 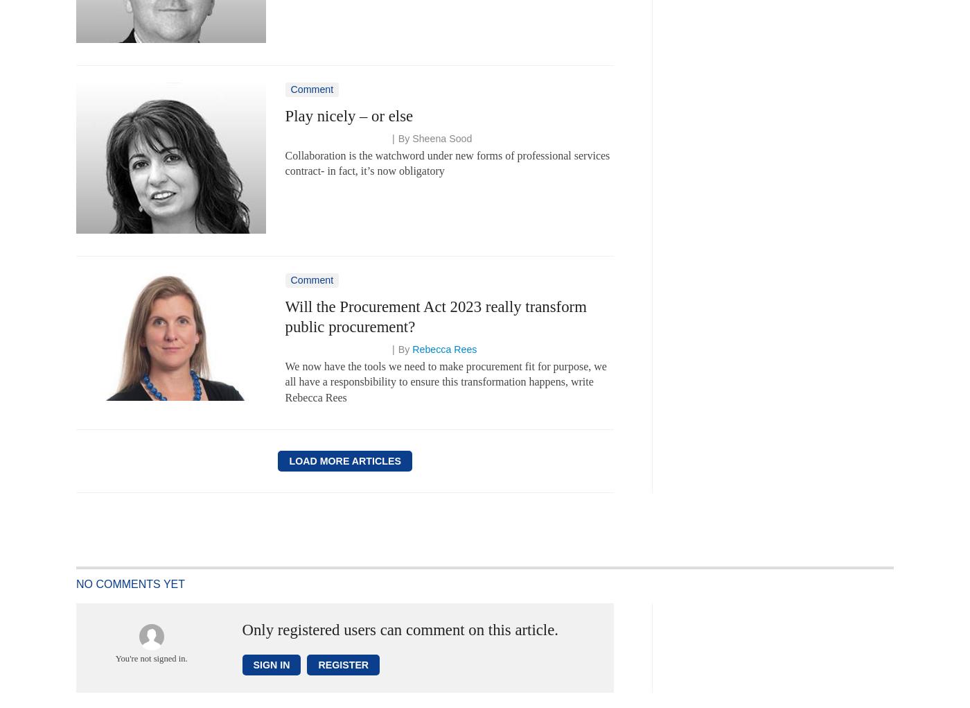 What do you see at coordinates (252, 664) in the screenshot?
I see `'Sign in'` at bounding box center [252, 664].